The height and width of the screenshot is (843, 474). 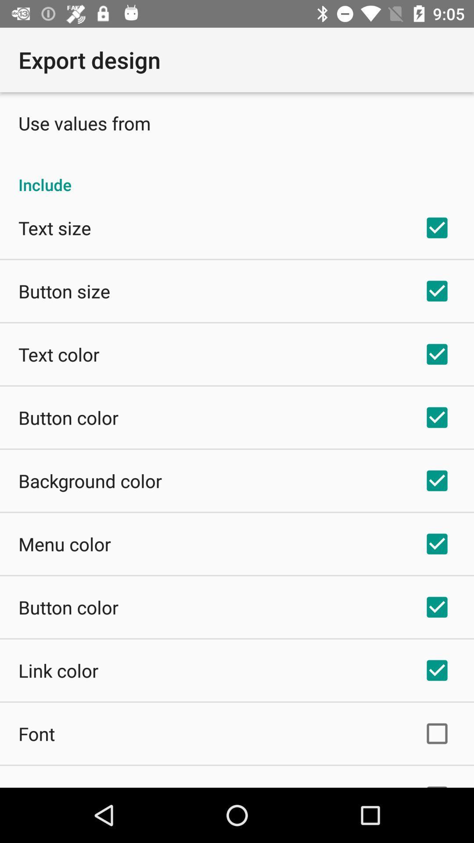 What do you see at coordinates (58, 670) in the screenshot?
I see `item below the button color item` at bounding box center [58, 670].